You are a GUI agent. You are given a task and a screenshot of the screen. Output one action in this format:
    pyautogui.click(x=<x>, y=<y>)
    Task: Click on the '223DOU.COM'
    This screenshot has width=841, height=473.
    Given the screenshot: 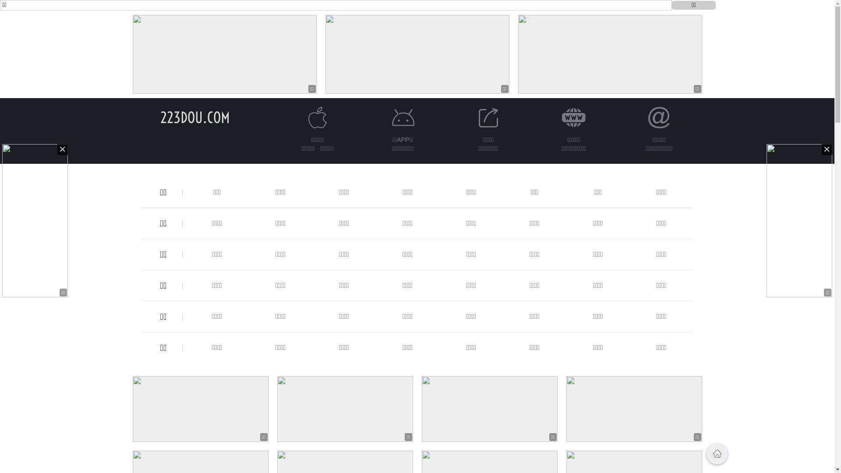 What is the action you would take?
    pyautogui.click(x=194, y=117)
    